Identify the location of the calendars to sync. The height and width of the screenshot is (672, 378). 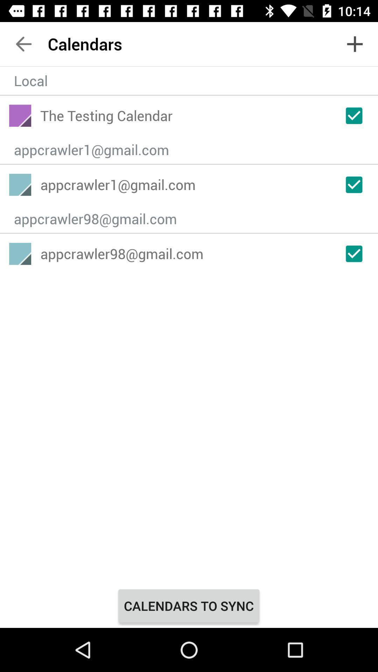
(188, 605).